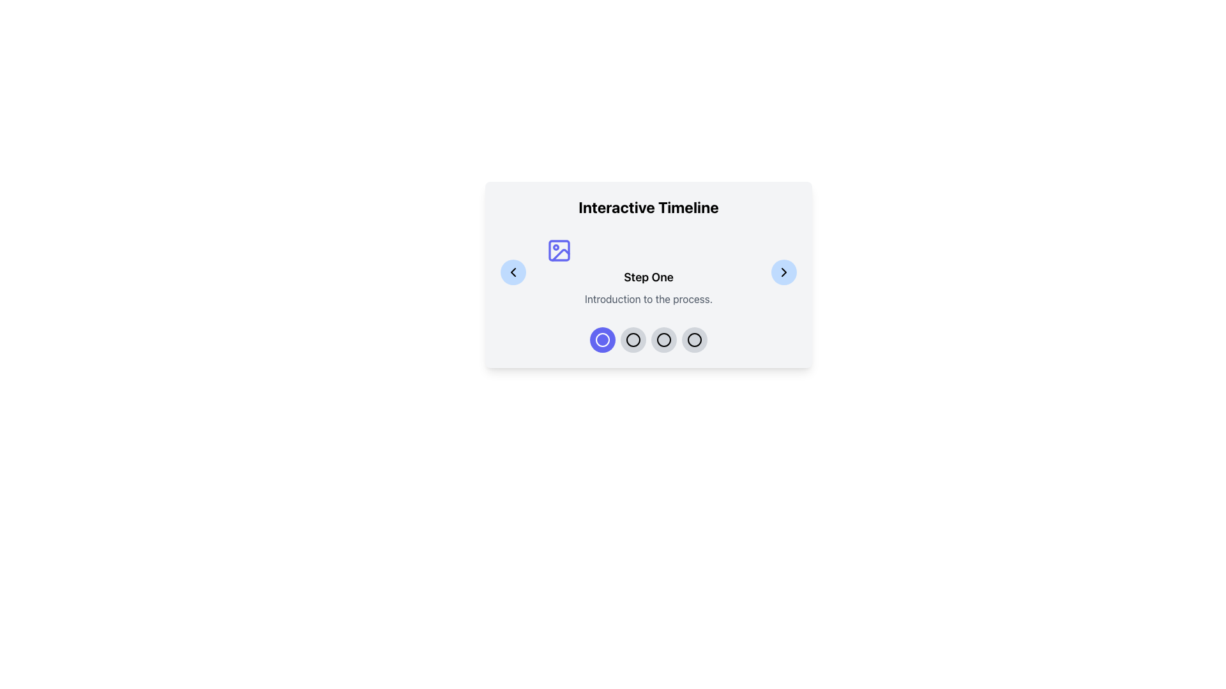  What do you see at coordinates (602, 339) in the screenshot?
I see `the prominent indigo circular Navigation indicator icon at the first position among a series of four icons` at bounding box center [602, 339].